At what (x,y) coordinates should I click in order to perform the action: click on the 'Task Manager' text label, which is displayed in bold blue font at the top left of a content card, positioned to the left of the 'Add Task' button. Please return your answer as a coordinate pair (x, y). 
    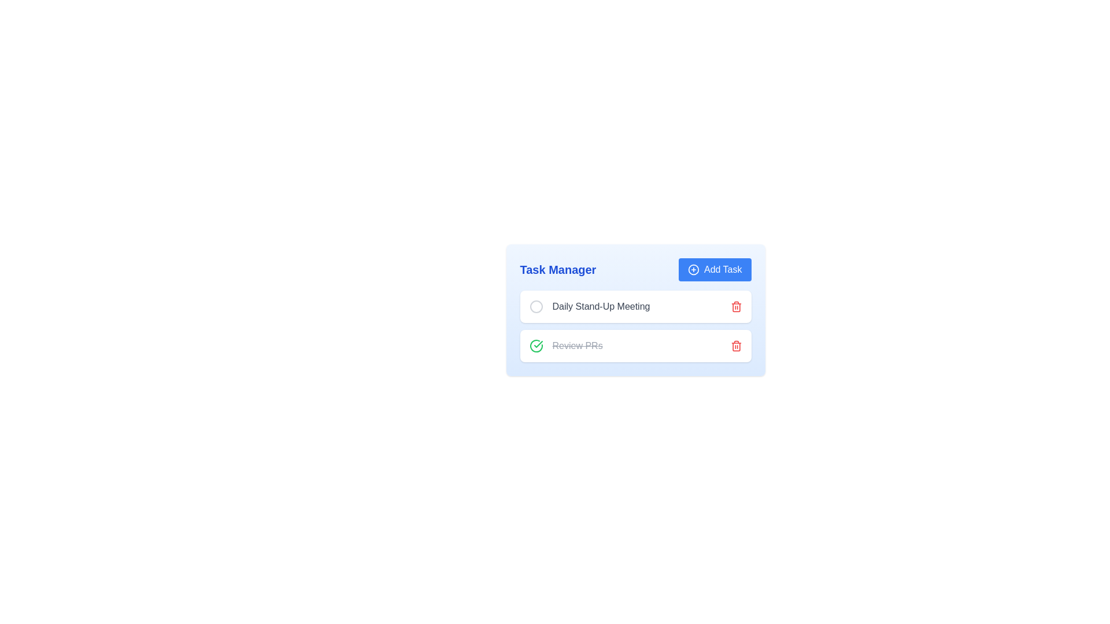
    Looking at the image, I should click on (558, 269).